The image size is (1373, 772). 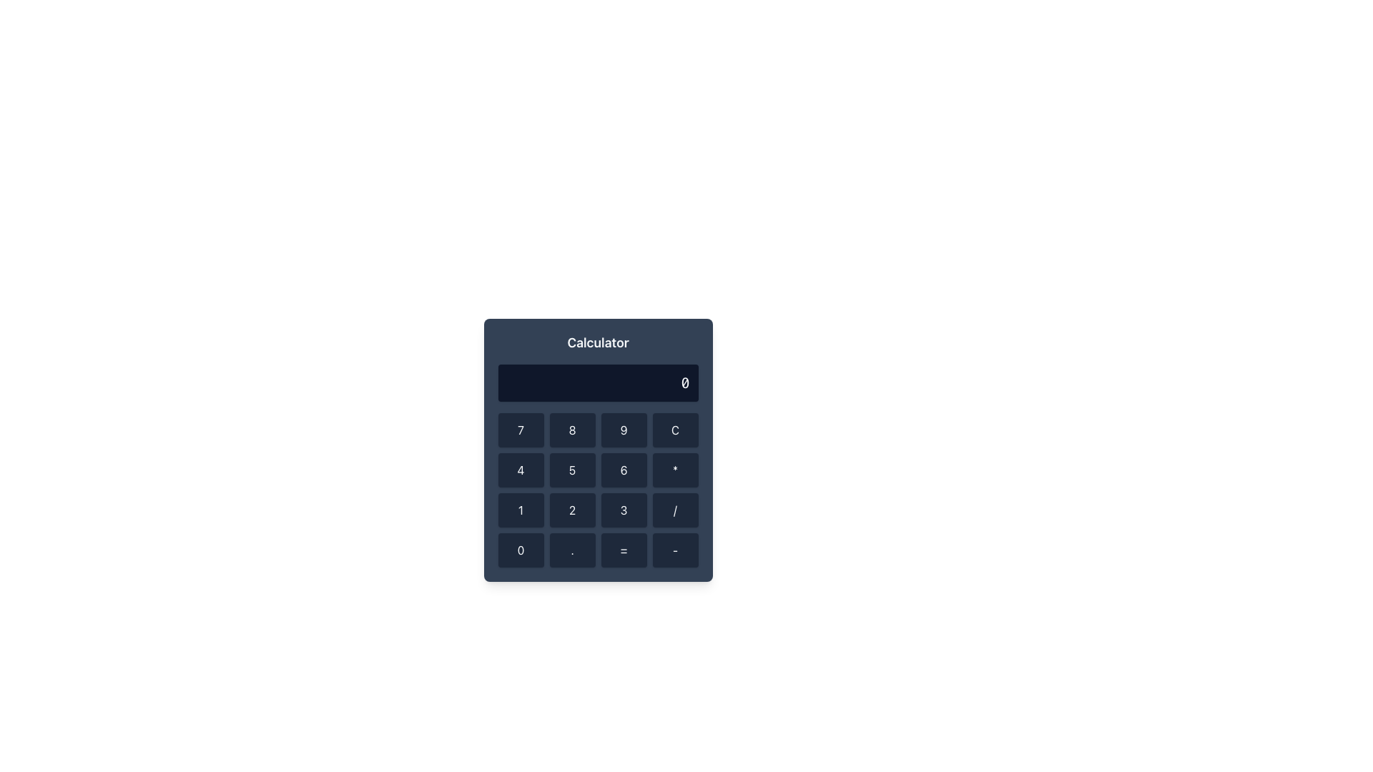 I want to click on the square button labeled '7' with a dark background and light-colored text, located in the first row and first column of the calculator grid interface, so click(x=520, y=429).